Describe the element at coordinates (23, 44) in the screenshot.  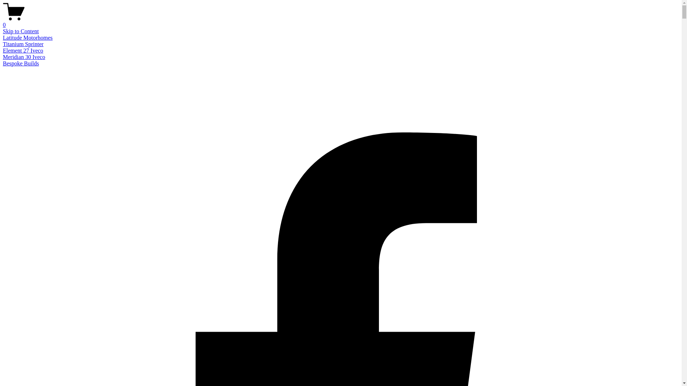
I see `'Titanium Sprinter'` at that location.